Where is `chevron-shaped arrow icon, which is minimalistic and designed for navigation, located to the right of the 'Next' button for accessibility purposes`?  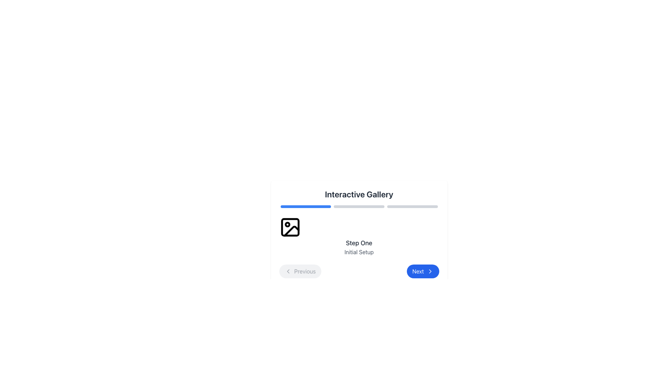 chevron-shaped arrow icon, which is minimalistic and designed for navigation, located to the right of the 'Next' button for accessibility purposes is located at coordinates (430, 271).